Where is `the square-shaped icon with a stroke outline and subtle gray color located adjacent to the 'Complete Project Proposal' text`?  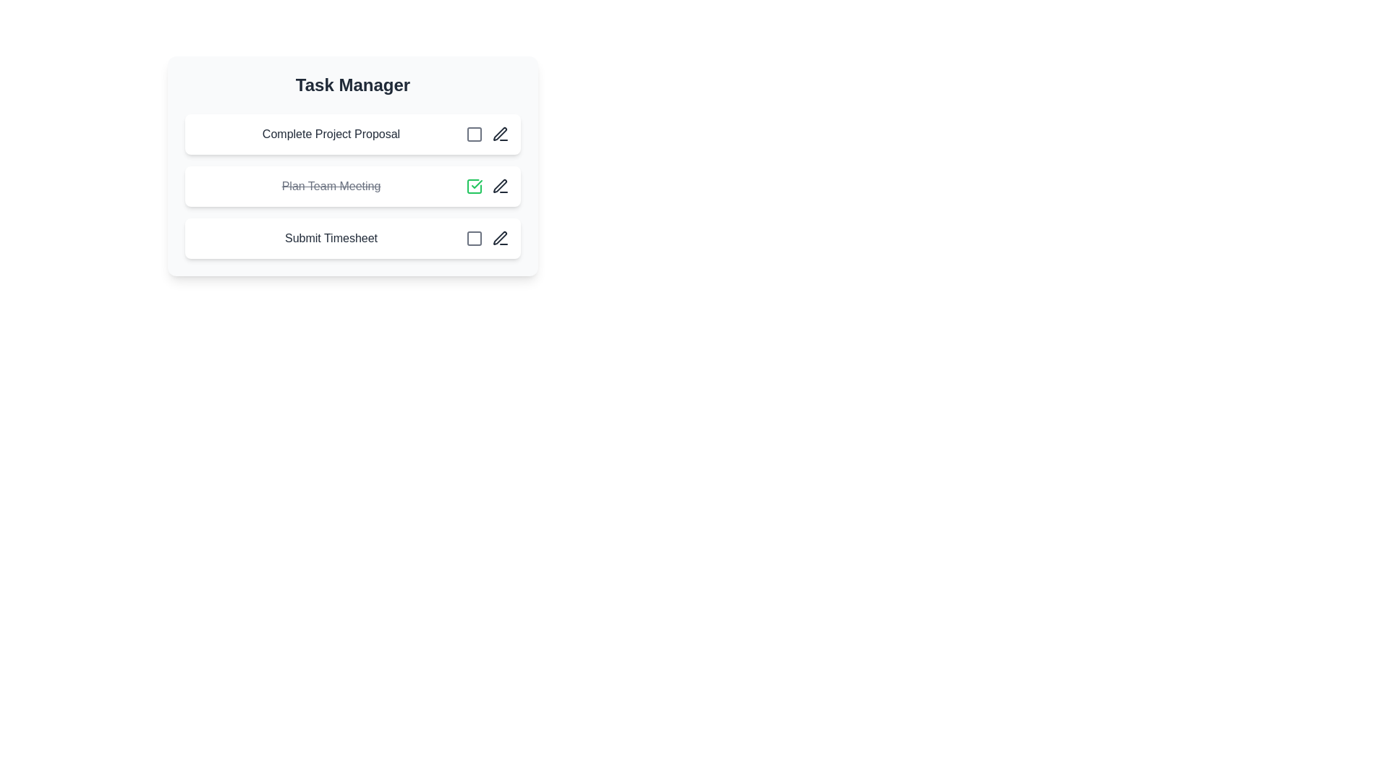 the square-shaped icon with a stroke outline and subtle gray color located adjacent to the 'Complete Project Proposal' text is located at coordinates (475, 134).